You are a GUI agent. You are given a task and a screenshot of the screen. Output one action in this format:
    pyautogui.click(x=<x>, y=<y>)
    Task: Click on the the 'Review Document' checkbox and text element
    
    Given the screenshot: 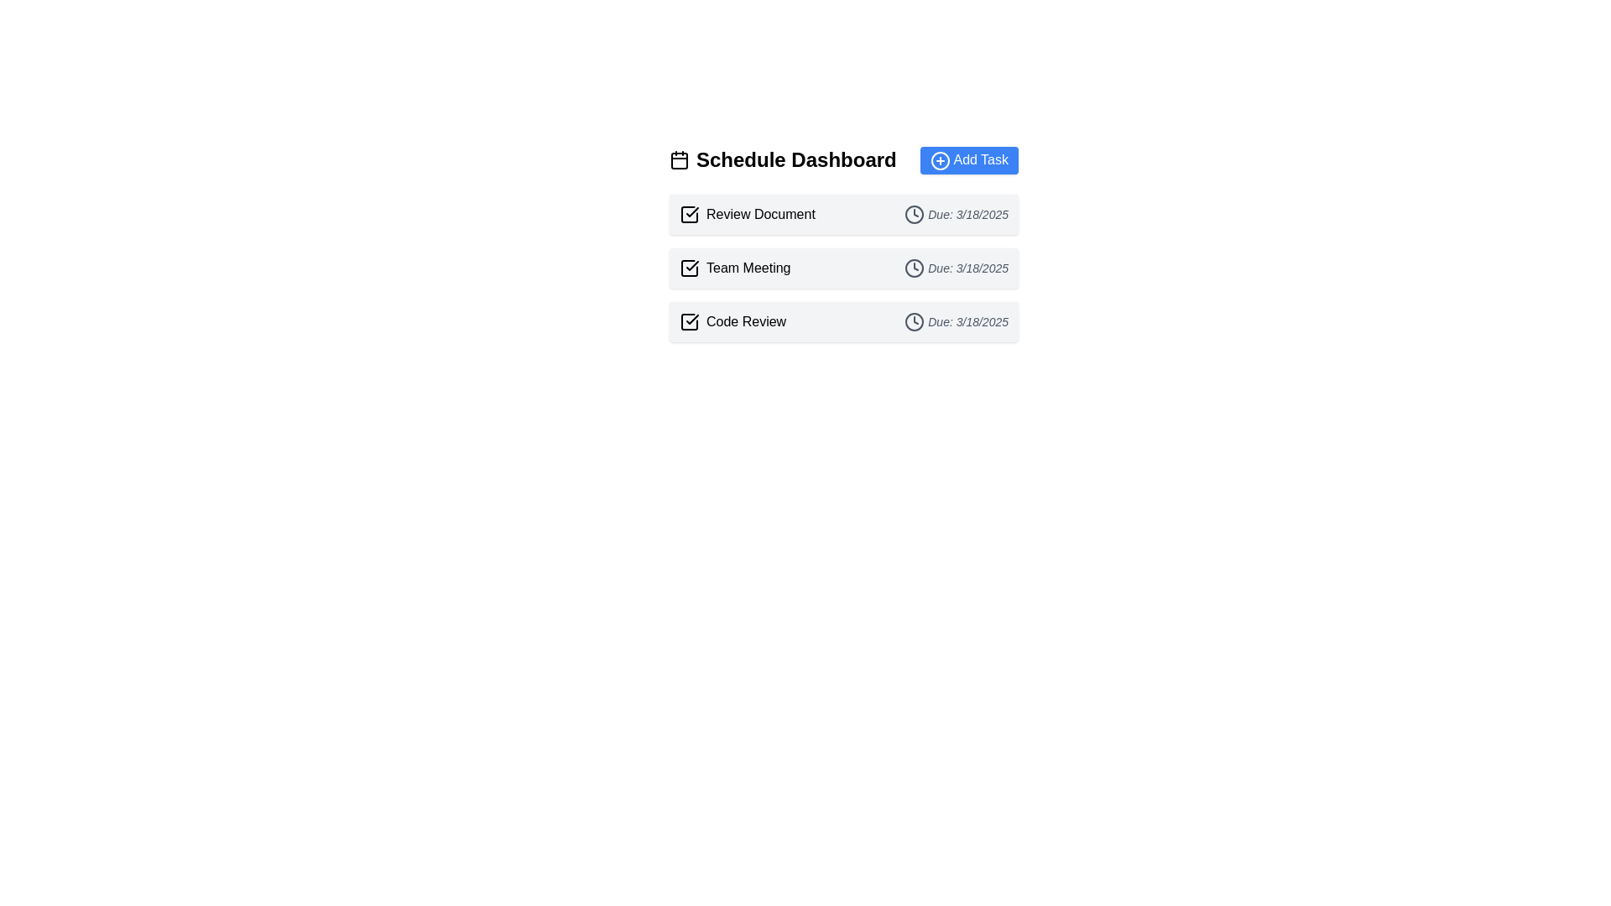 What is the action you would take?
    pyautogui.click(x=746, y=213)
    